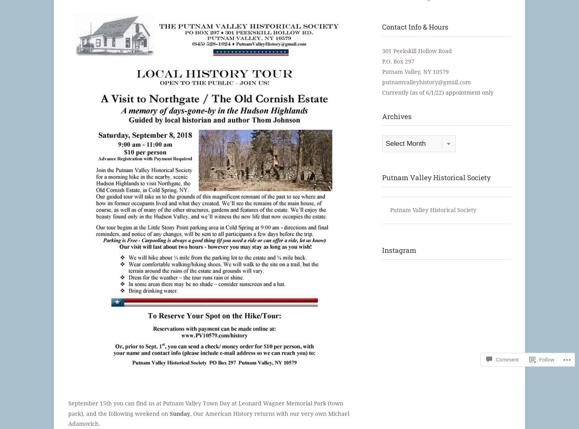 This screenshot has width=579, height=429. What do you see at coordinates (381, 27) in the screenshot?
I see `'Contact Info & Hours'` at bounding box center [381, 27].